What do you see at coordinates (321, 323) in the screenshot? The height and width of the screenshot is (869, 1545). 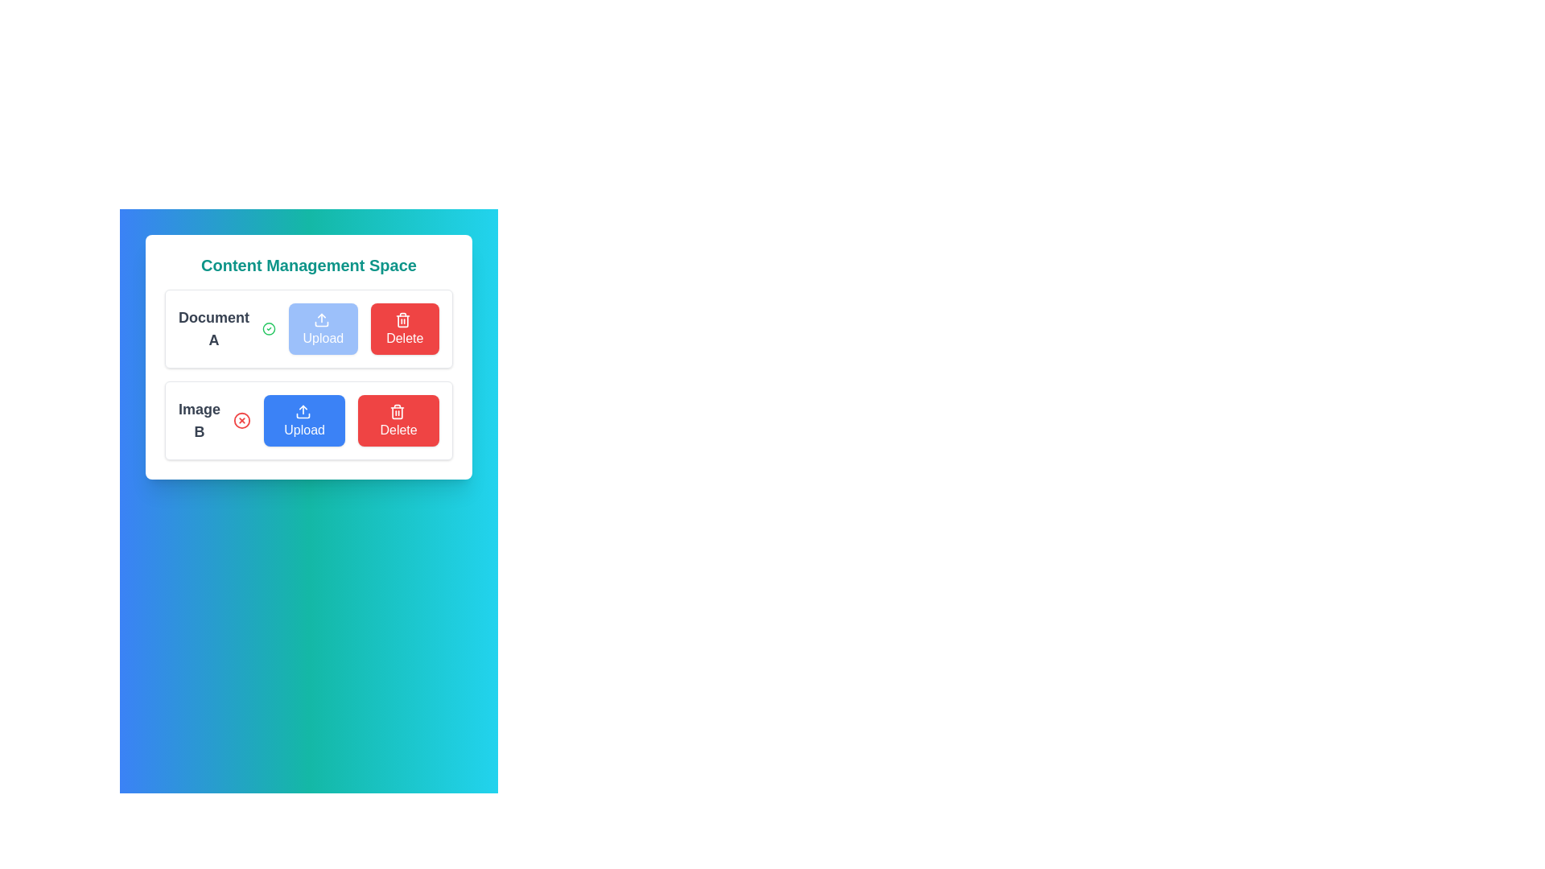 I see `the iconographic component of the upload icon located in the right section of the second row of the content management interface, which visually reinforces the action associated with the 'Upload' button` at bounding box center [321, 323].